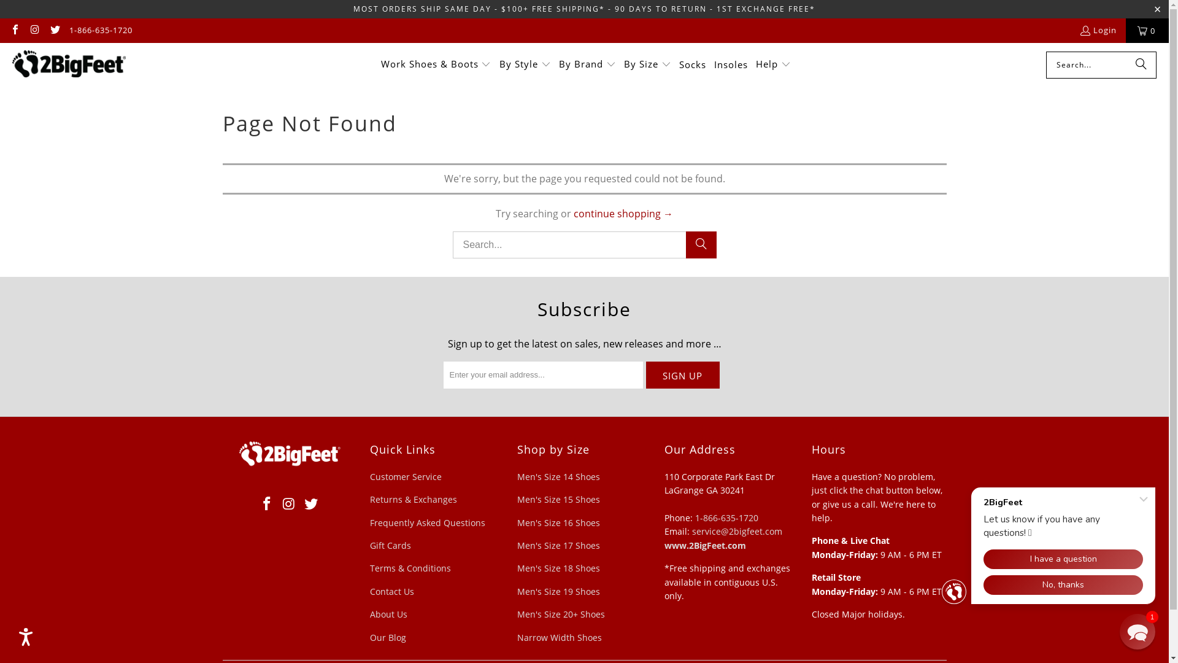 The height and width of the screenshot is (663, 1178). I want to click on 'Sign Up', so click(682, 374).